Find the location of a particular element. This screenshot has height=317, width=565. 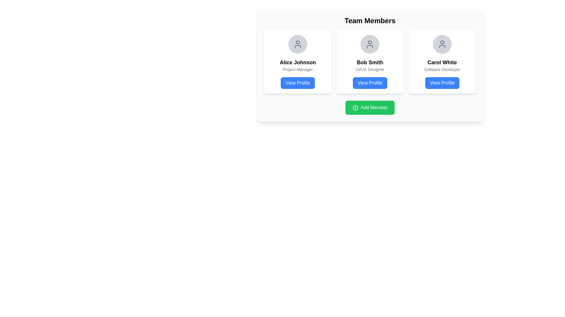

the profile image icon for Bob Smith, UI/UX Designer, located in the center of the three cards under the 'Team Members' heading is located at coordinates (370, 44).